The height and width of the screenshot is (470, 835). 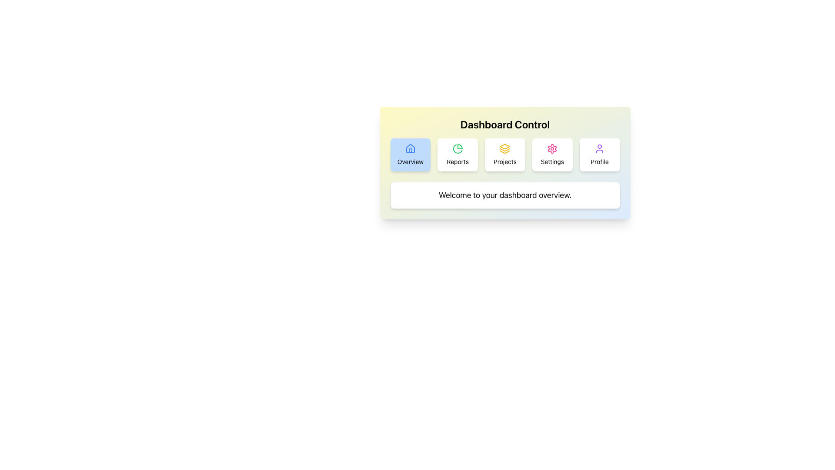 What do you see at coordinates (552, 161) in the screenshot?
I see `text label displaying 'Settings' located beneath the pink gear icon in the settings button group` at bounding box center [552, 161].